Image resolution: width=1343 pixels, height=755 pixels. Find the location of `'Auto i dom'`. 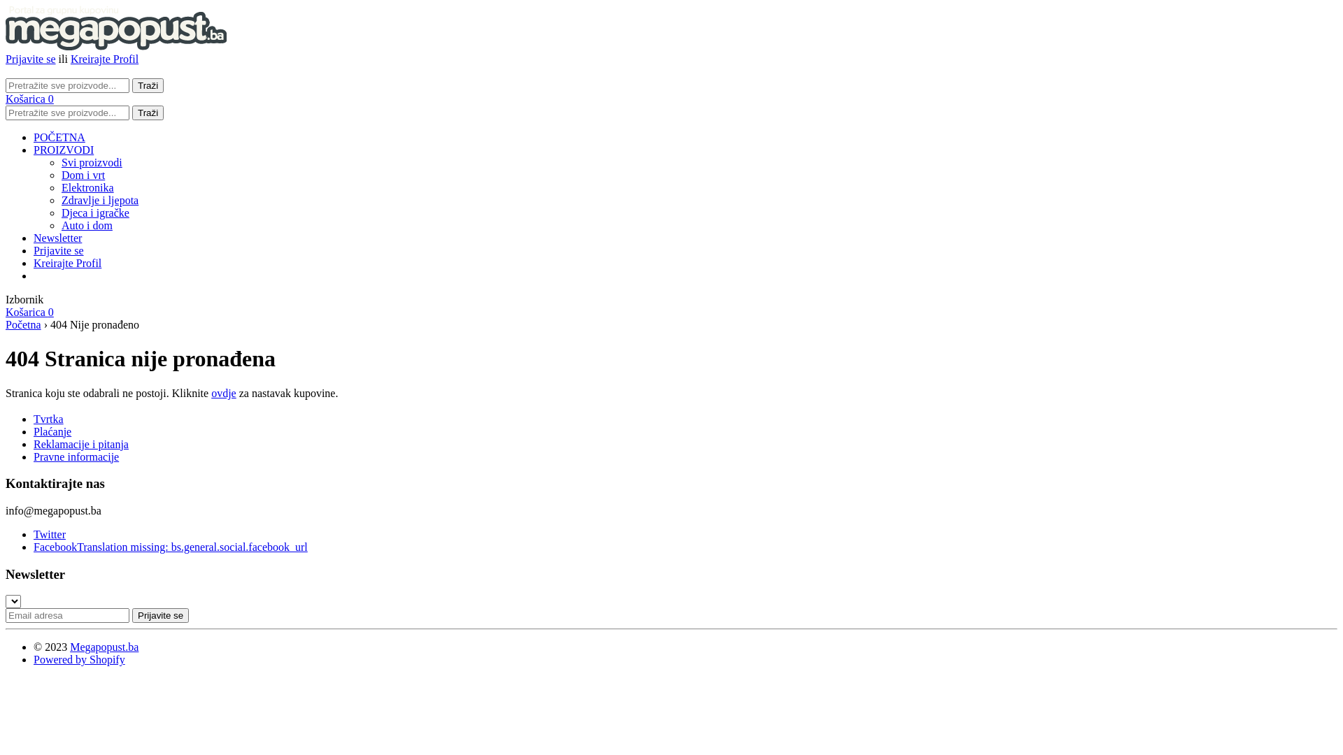

'Auto i dom' is located at coordinates (86, 224).